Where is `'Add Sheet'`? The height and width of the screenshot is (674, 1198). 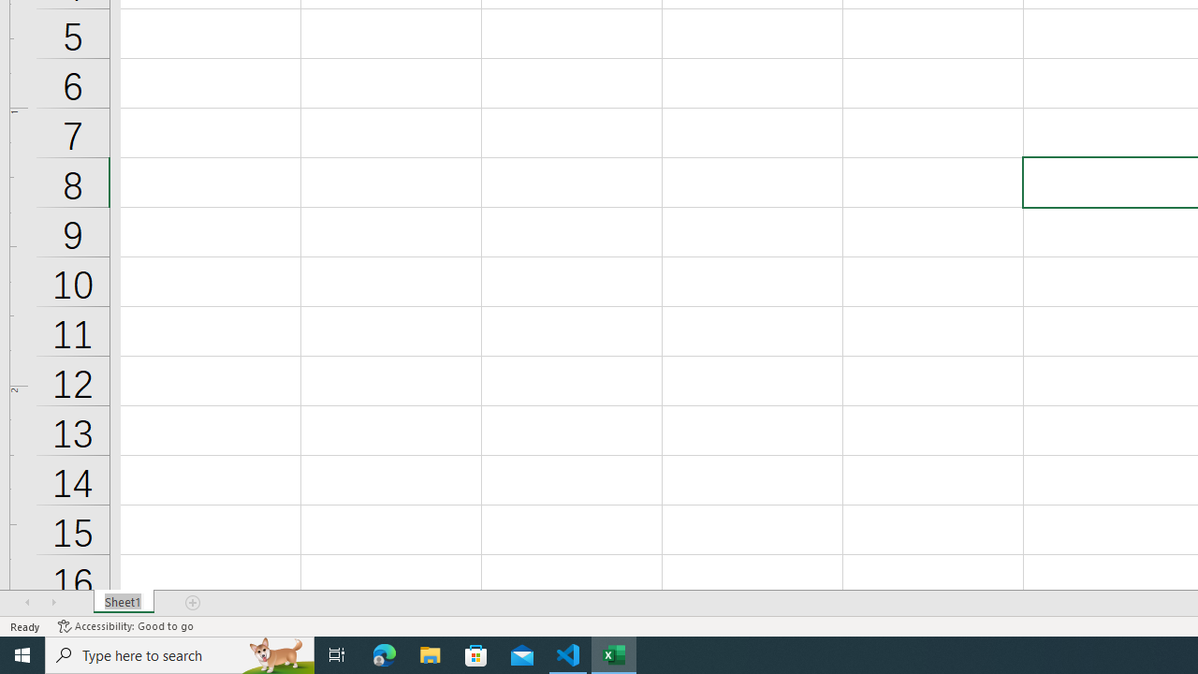 'Add Sheet' is located at coordinates (194, 603).